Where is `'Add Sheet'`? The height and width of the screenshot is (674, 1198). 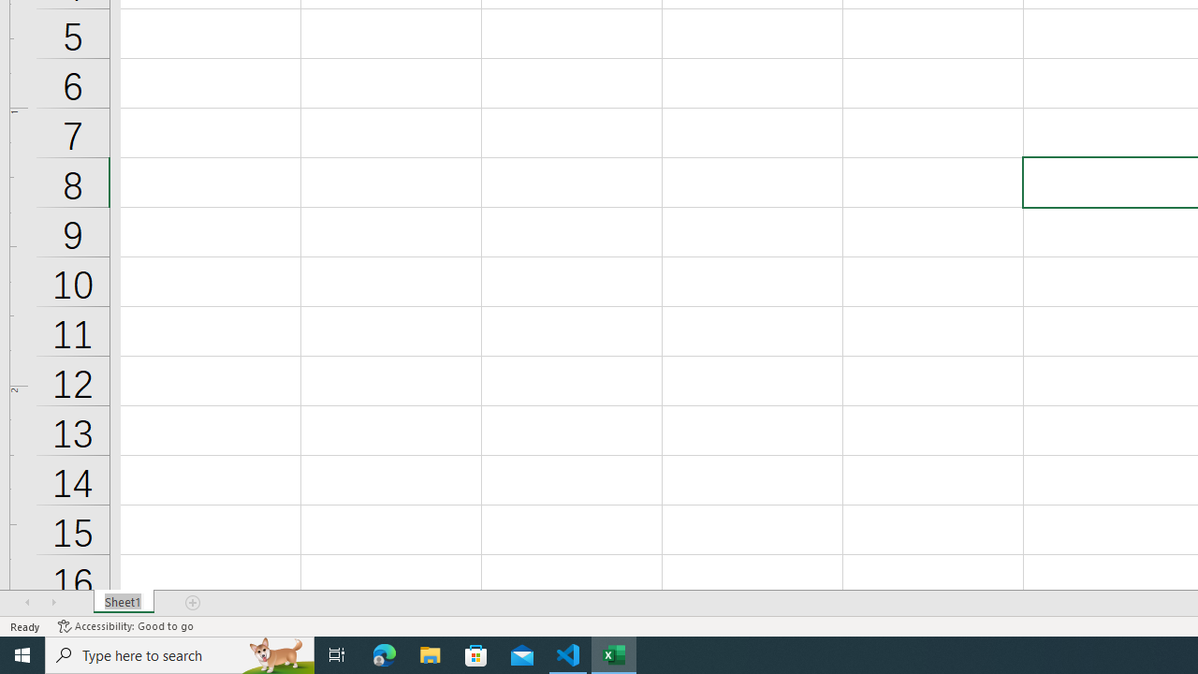 'Add Sheet' is located at coordinates (194, 603).